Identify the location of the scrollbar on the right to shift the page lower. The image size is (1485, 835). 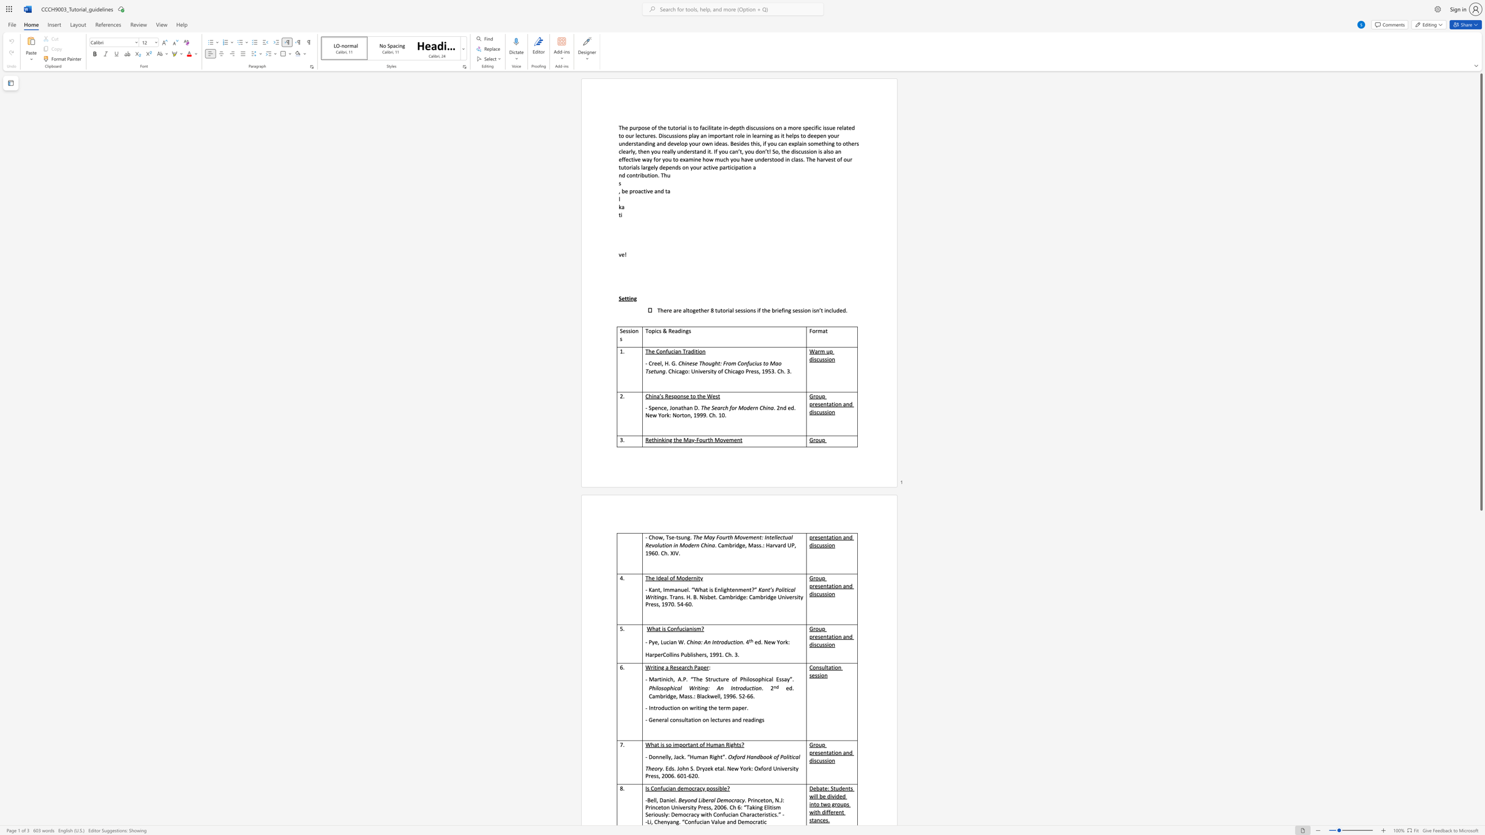
(1480, 753).